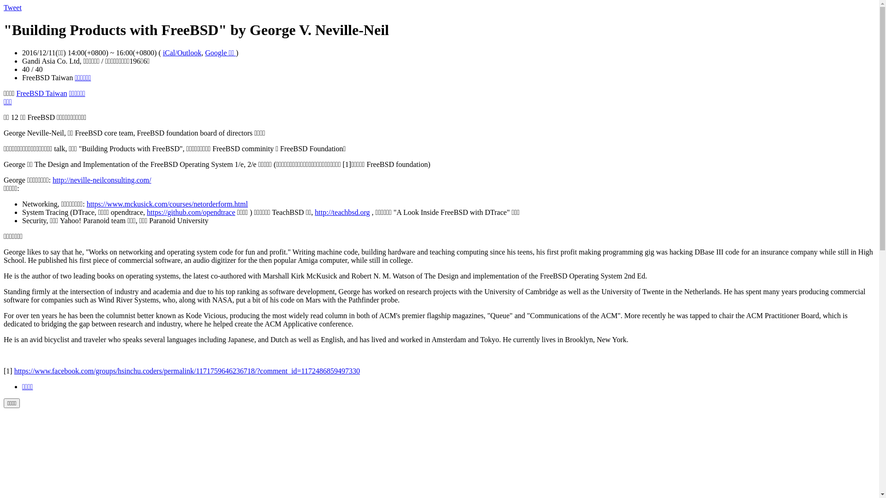  What do you see at coordinates (341, 212) in the screenshot?
I see `'http://teachbsd.org'` at bounding box center [341, 212].